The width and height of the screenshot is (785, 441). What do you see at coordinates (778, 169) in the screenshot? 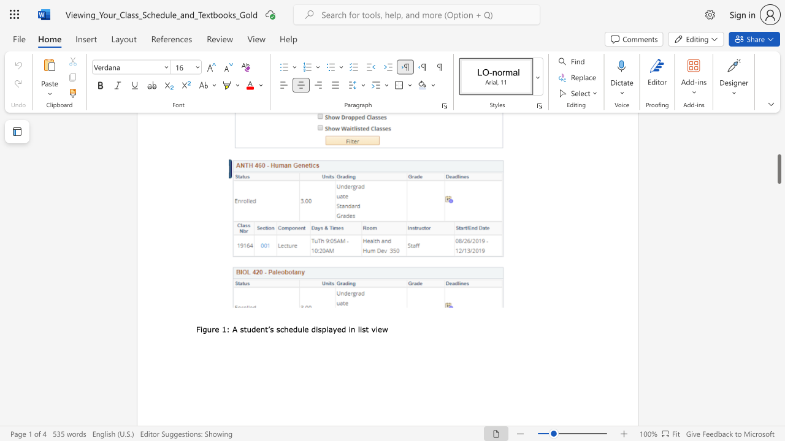
I see `the scrollbar and move up 180 pixels` at bounding box center [778, 169].